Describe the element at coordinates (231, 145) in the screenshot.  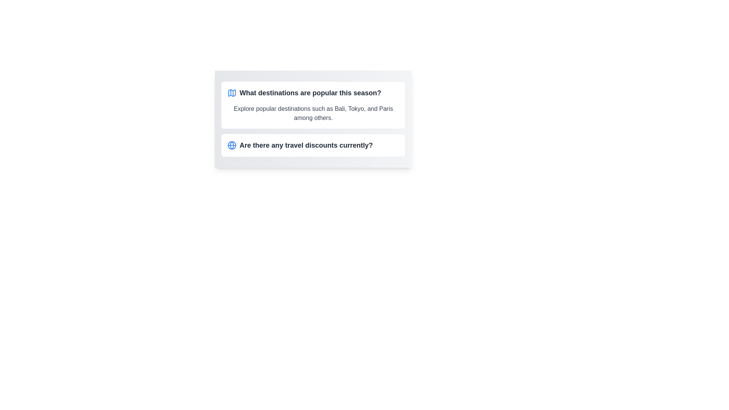
I see `the globe icon located to the left of the question 'Are there any travel discounts currently?'` at that location.